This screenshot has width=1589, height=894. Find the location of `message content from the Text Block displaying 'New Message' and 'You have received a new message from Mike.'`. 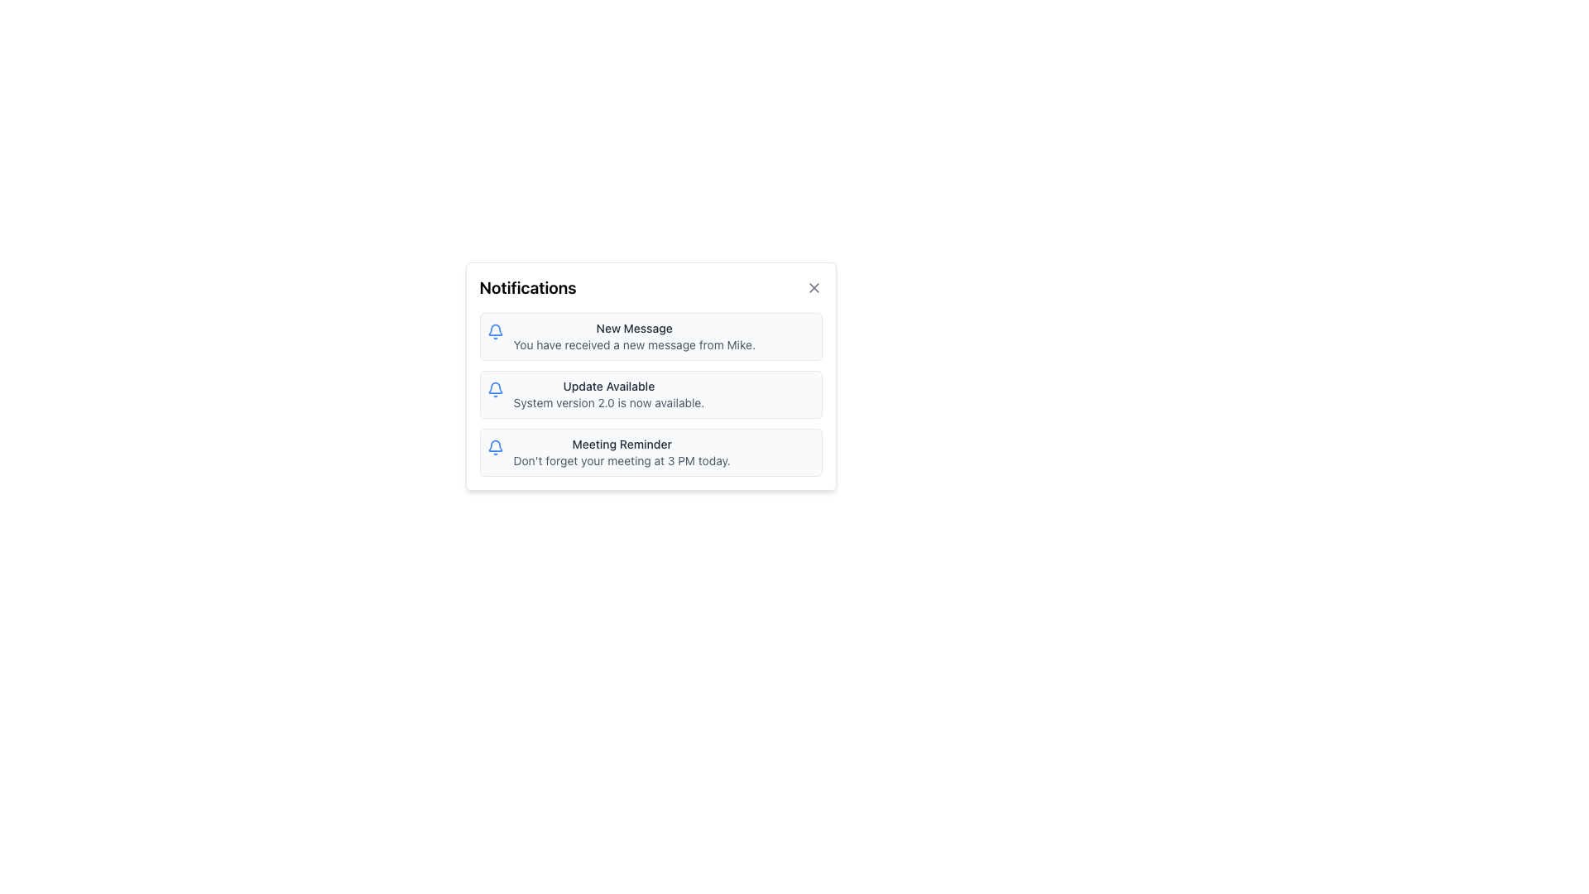

message content from the Text Block displaying 'New Message' and 'You have received a new message from Mike.' is located at coordinates (633, 336).